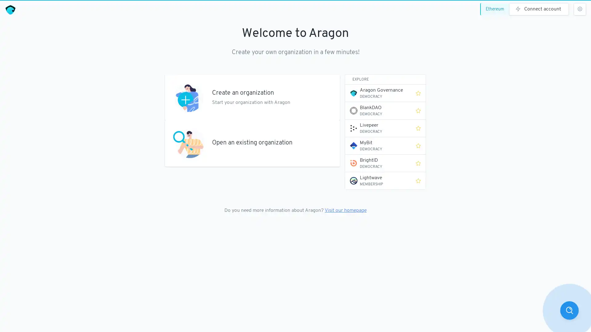 Image resolution: width=591 pixels, height=332 pixels. What do you see at coordinates (378, 180) in the screenshot?
I see `Lightwave MEMBERSHIP` at bounding box center [378, 180].